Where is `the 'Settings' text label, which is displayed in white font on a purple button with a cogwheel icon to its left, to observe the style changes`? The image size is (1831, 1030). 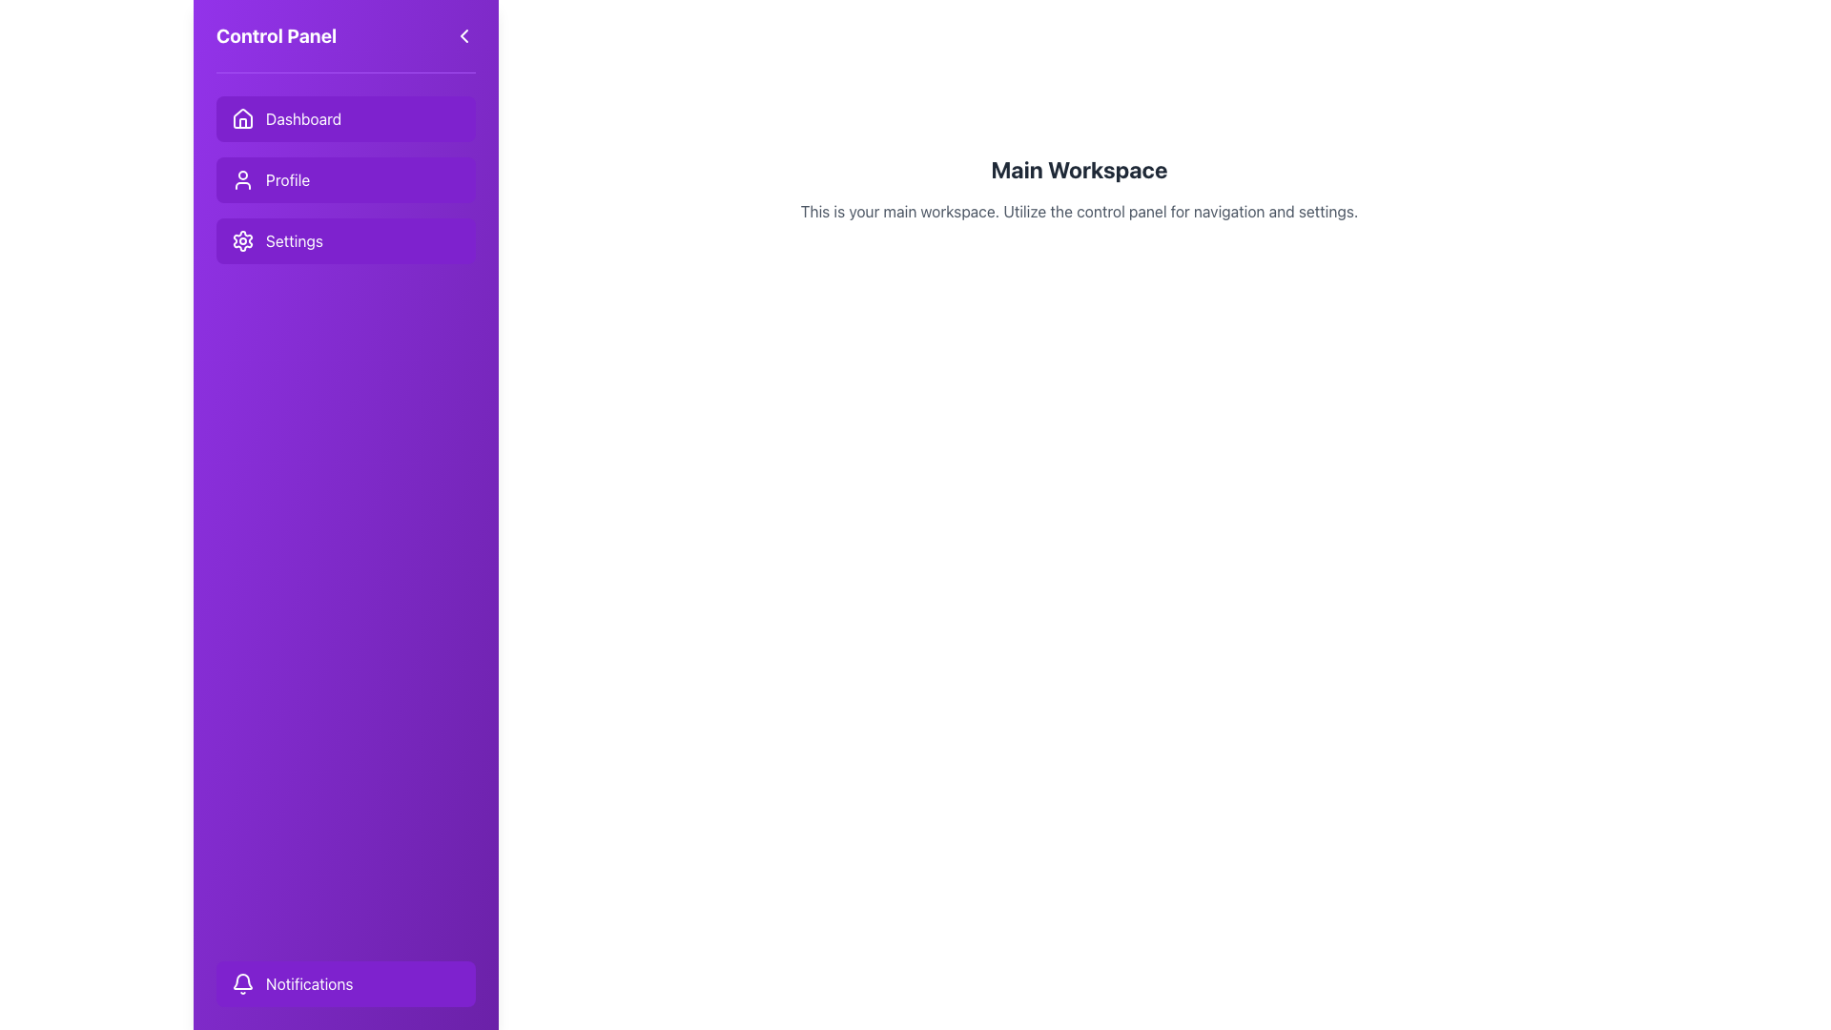 the 'Settings' text label, which is displayed in white font on a purple button with a cogwheel icon to its left, to observe the style changes is located at coordinates (293, 240).